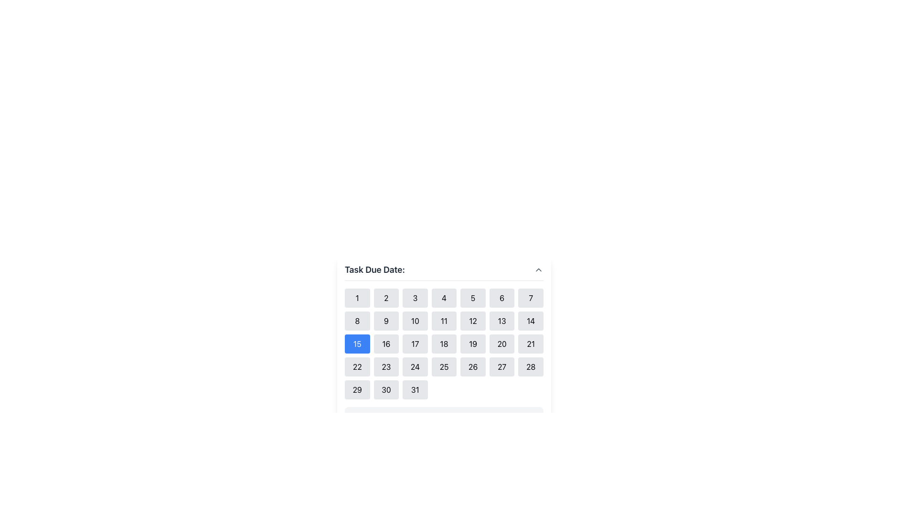 The image size is (917, 516). I want to click on the rounded rectangular button labeled '22' in the date selection grid under 'Task Due Date' for keyboard interaction, so click(357, 366).